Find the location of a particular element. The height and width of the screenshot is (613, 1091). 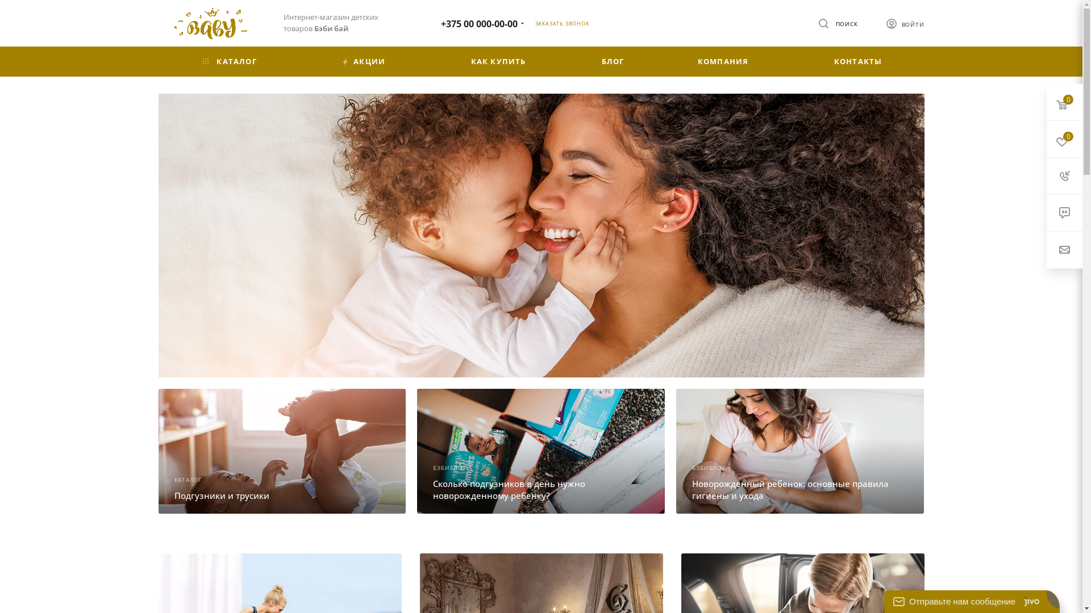

'+375 00 000-00-00' is located at coordinates (440, 23).